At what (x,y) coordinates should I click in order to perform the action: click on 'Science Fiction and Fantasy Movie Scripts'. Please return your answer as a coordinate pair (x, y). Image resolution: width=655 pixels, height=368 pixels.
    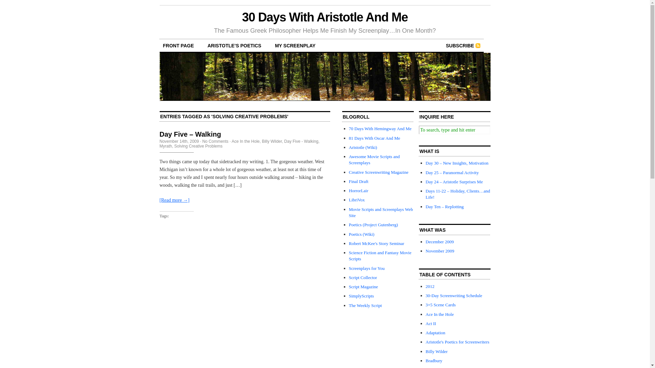
    Looking at the image, I should click on (379, 256).